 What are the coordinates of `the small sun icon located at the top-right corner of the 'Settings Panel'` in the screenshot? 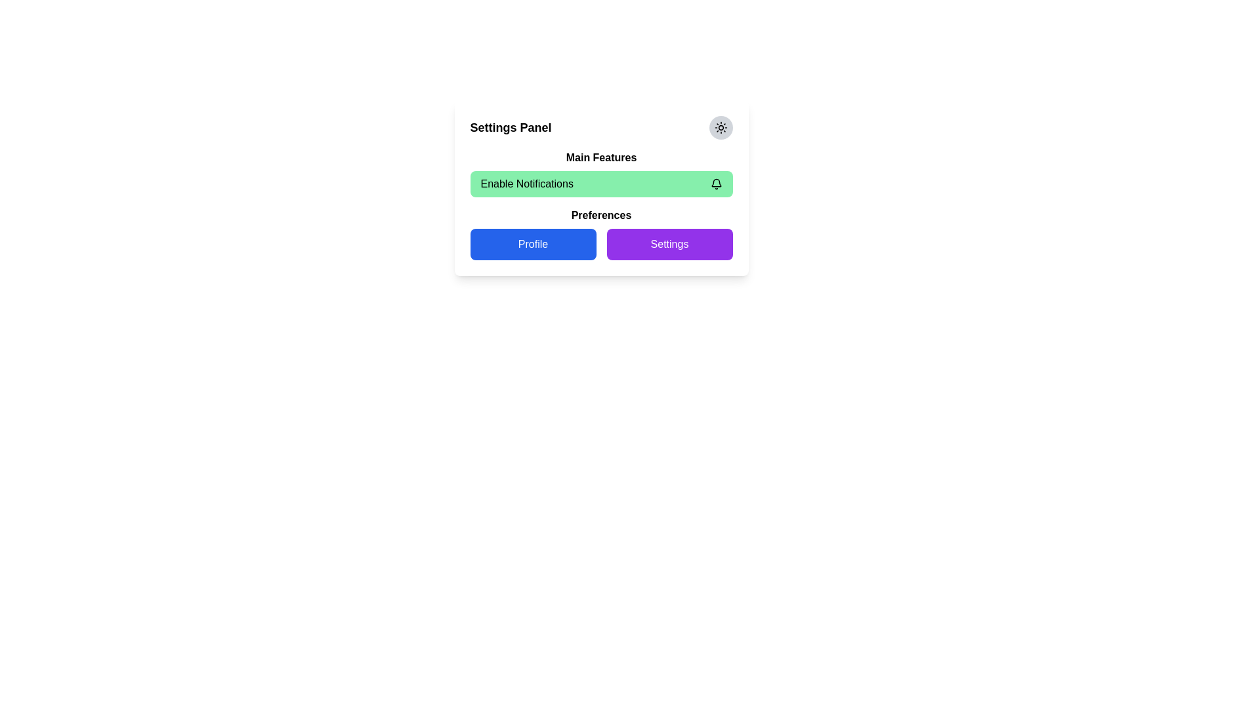 It's located at (720, 128).